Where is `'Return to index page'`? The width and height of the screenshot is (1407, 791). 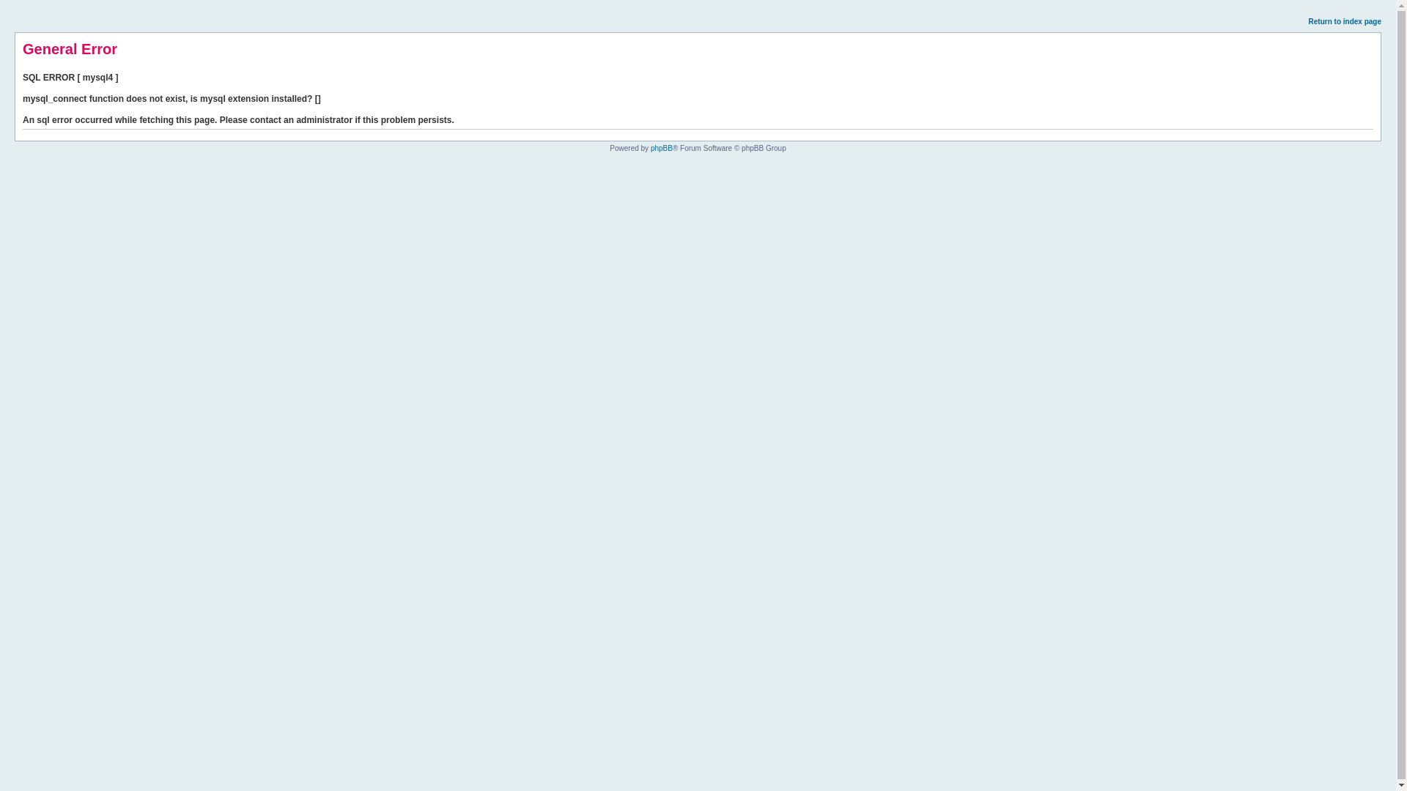 'Return to index page' is located at coordinates (1345, 21).